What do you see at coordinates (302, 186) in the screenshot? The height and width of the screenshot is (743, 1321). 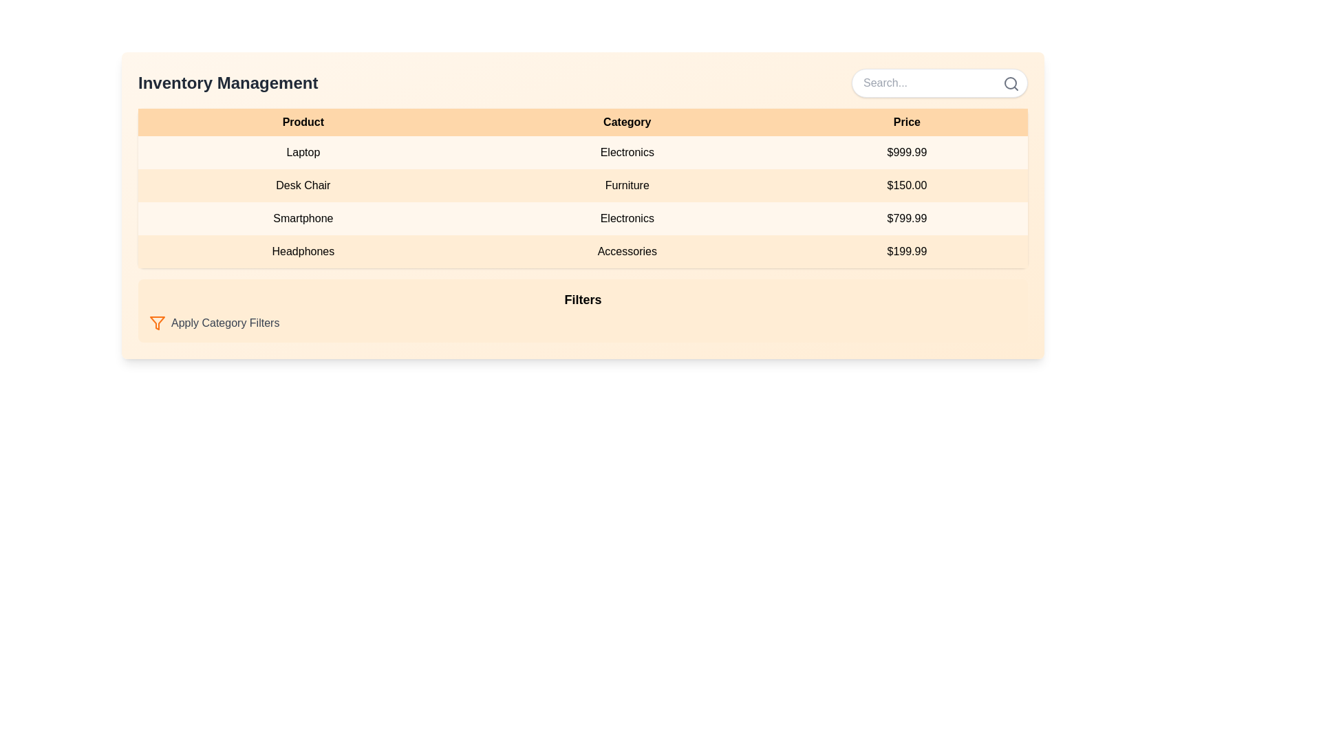 I see `the 'Desk Chair' text label` at bounding box center [302, 186].